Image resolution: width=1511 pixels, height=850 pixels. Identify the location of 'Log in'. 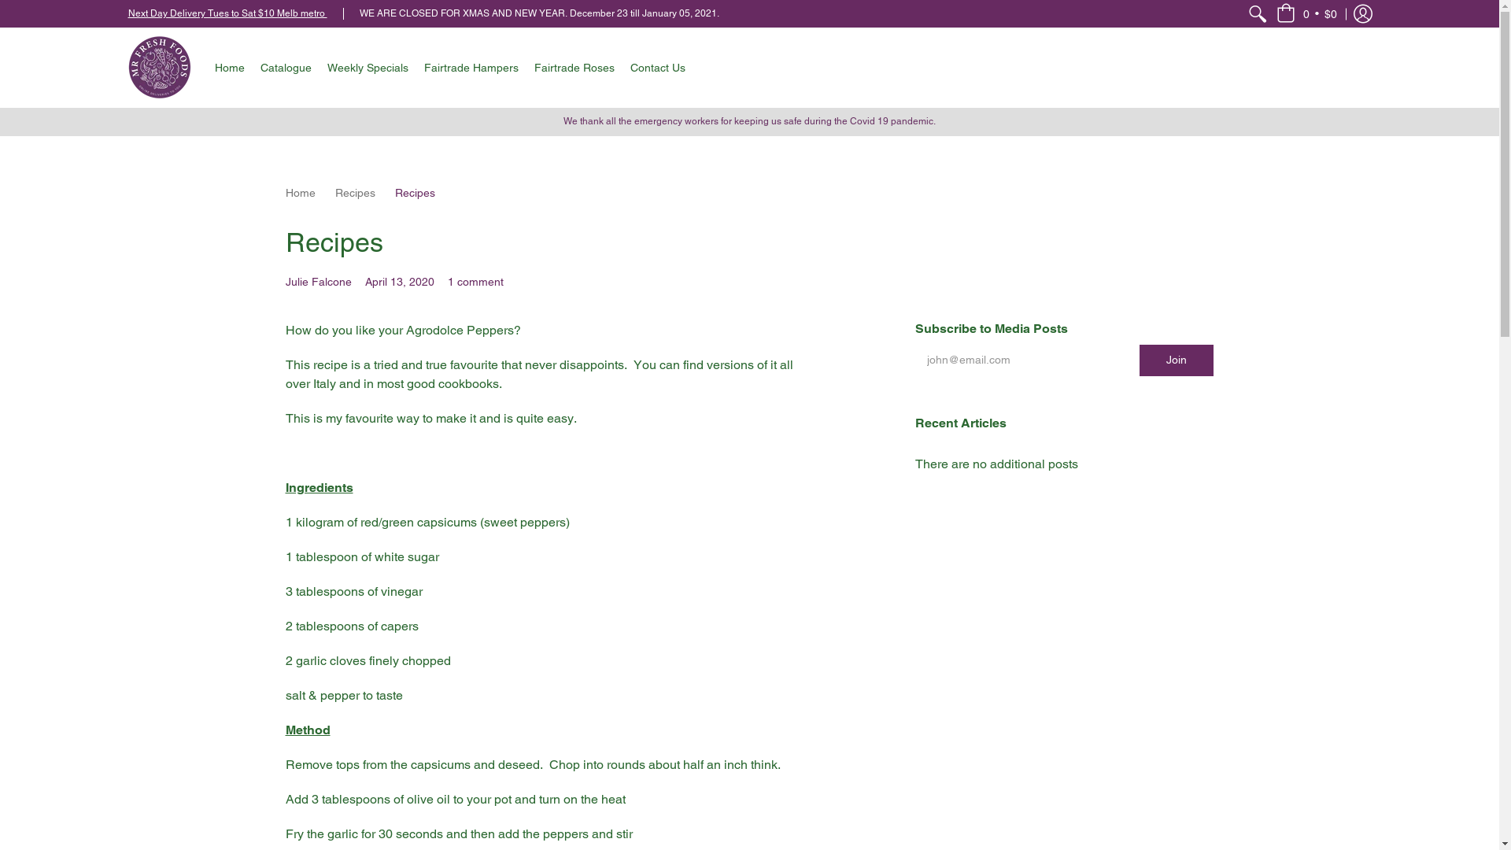
(1344, 13).